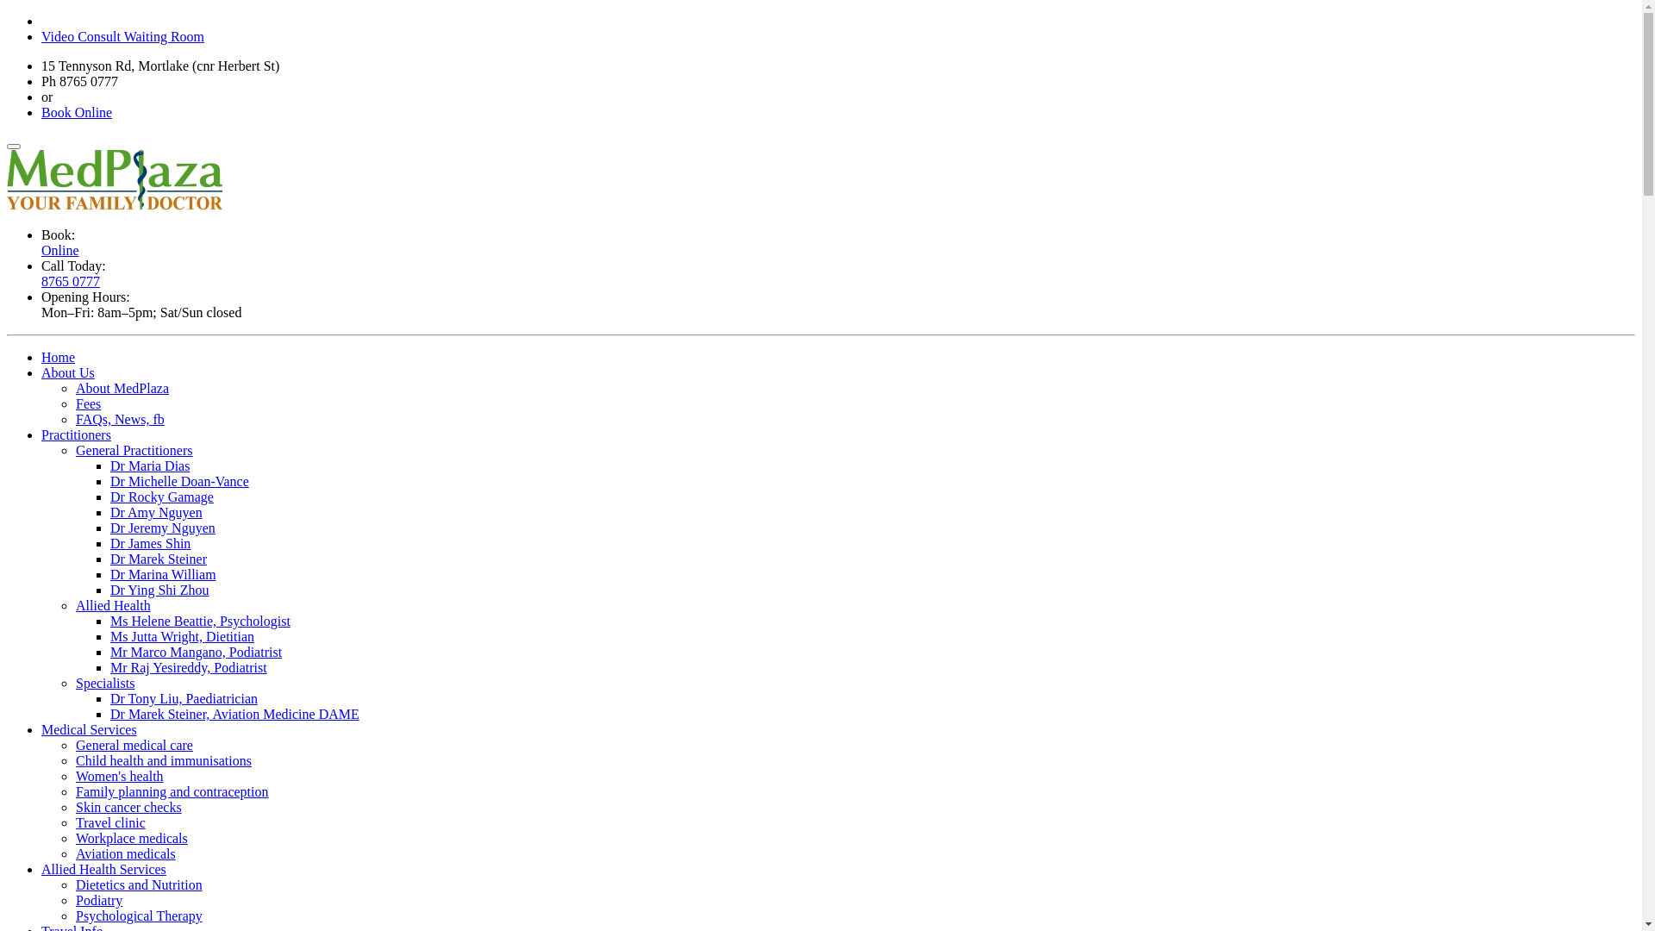 This screenshot has height=931, width=1655. Describe the element at coordinates (98, 899) in the screenshot. I see `'Podiatry'` at that location.